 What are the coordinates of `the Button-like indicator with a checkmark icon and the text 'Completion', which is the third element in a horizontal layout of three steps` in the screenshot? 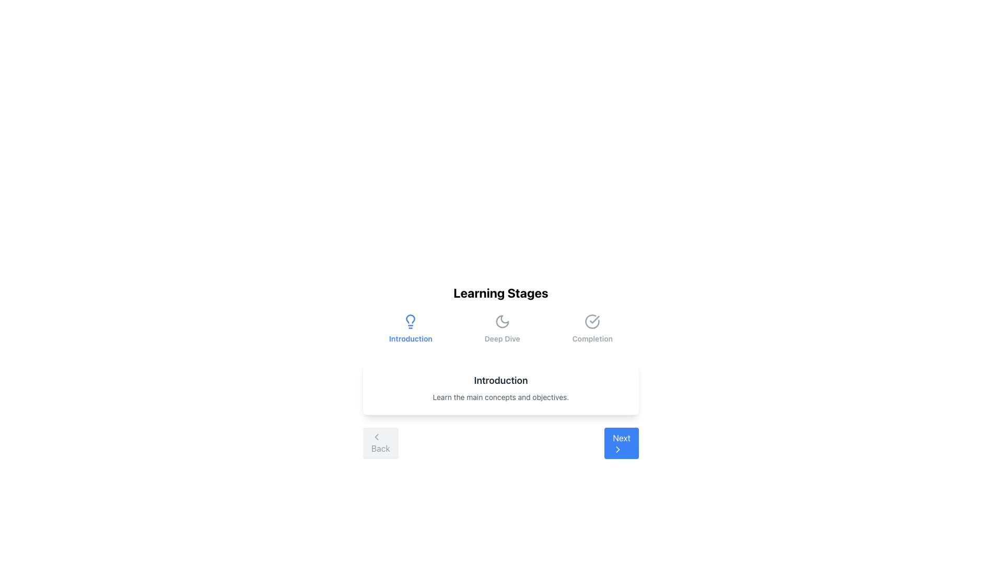 It's located at (592, 328).